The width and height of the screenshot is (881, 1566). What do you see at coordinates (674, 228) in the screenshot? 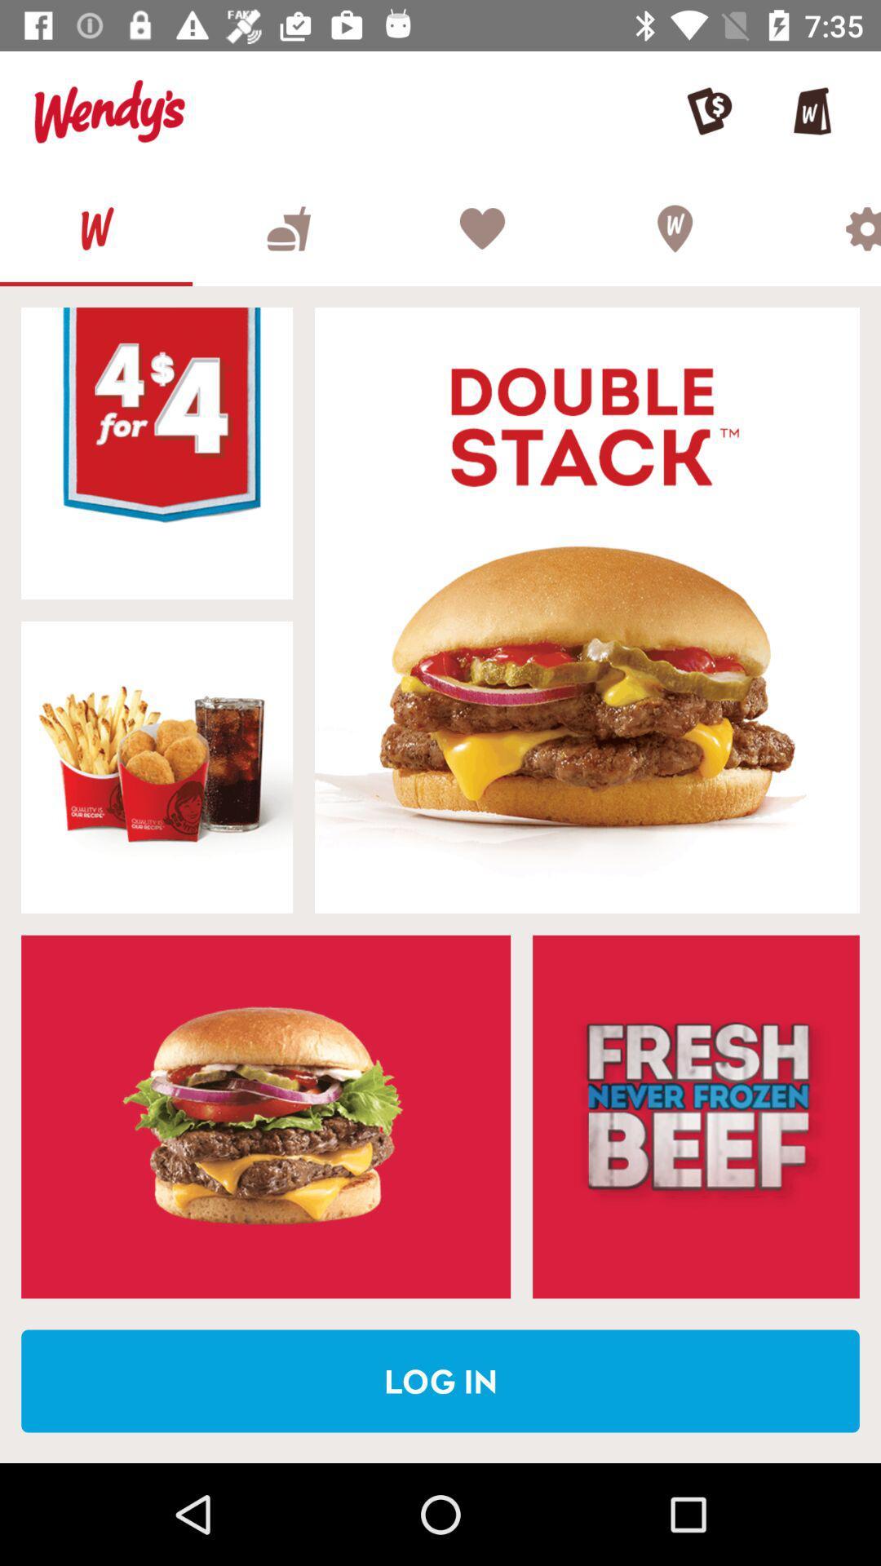
I see `find a location` at bounding box center [674, 228].